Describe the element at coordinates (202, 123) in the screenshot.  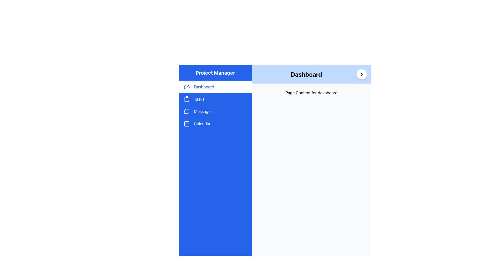
I see `the 'Calendar' navigation link located as the fourth item in the vertical navigation menu in the left sidebar` at that location.